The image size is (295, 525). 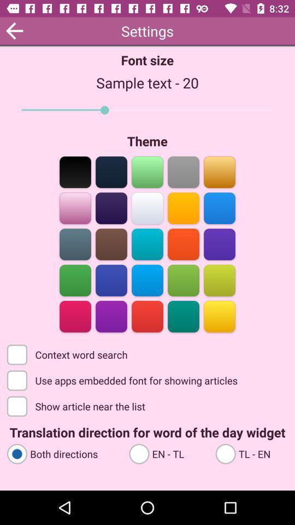 What do you see at coordinates (75, 243) in the screenshot?
I see `blue` at bounding box center [75, 243].